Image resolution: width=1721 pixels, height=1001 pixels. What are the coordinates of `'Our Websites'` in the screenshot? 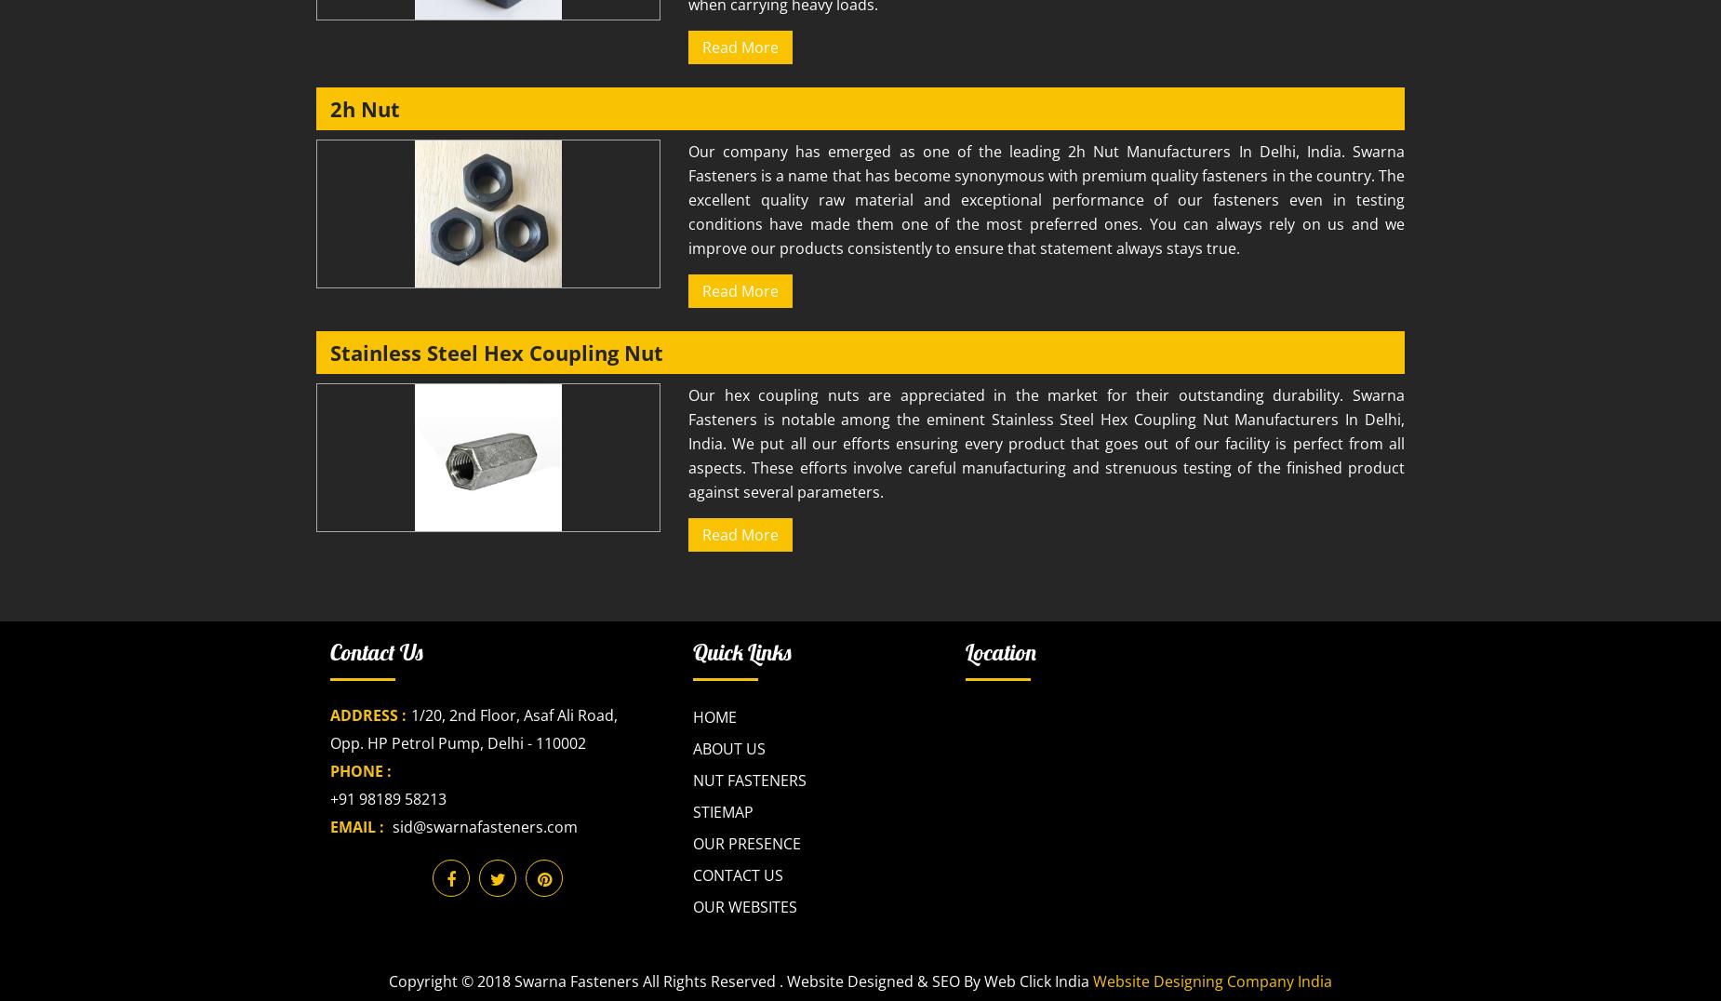 It's located at (745, 906).